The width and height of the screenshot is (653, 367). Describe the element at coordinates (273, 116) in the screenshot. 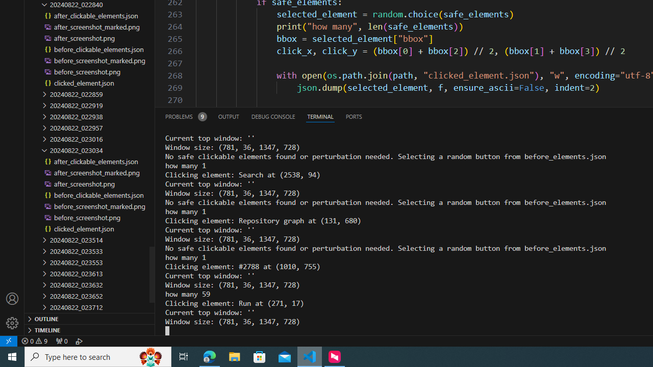

I see `'Debug Console (Ctrl+Shift+Y)'` at that location.